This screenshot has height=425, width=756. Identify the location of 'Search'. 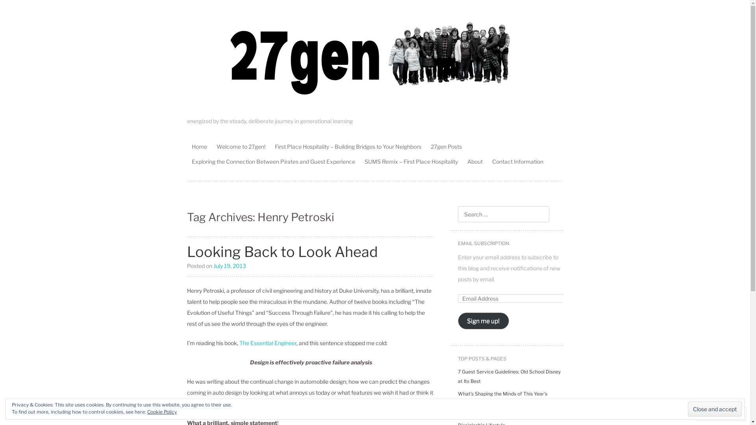
(15, 7).